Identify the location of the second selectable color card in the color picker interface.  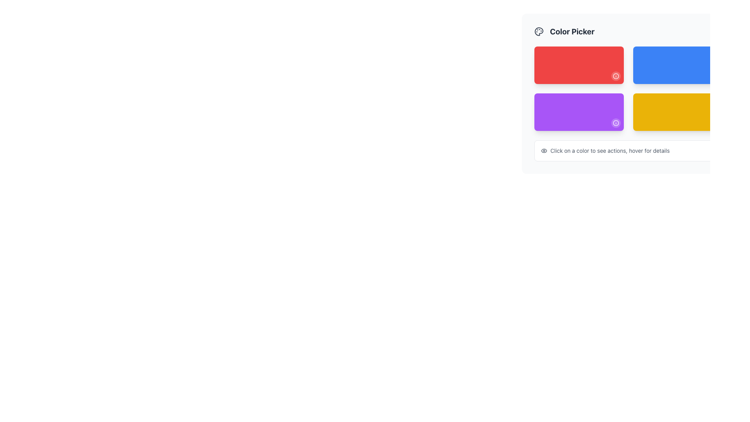
(678, 64).